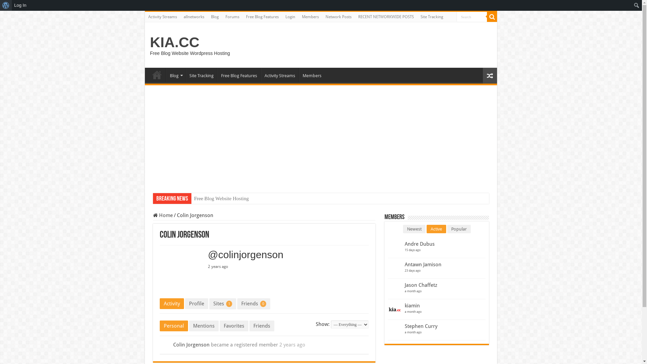 The image size is (647, 364). Describe the element at coordinates (180, 17) in the screenshot. I see `'allnetworks'` at that location.